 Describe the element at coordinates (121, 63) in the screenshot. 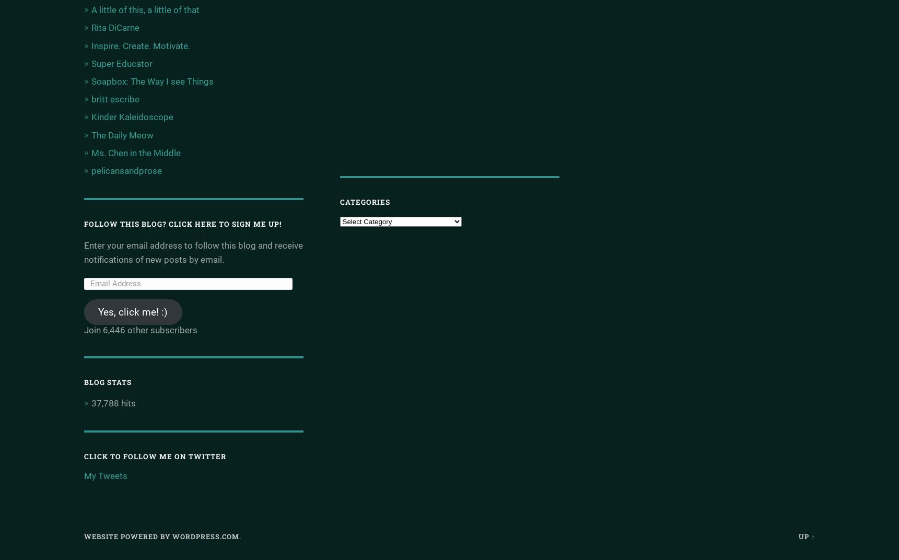

I see `'Super Educator'` at that location.